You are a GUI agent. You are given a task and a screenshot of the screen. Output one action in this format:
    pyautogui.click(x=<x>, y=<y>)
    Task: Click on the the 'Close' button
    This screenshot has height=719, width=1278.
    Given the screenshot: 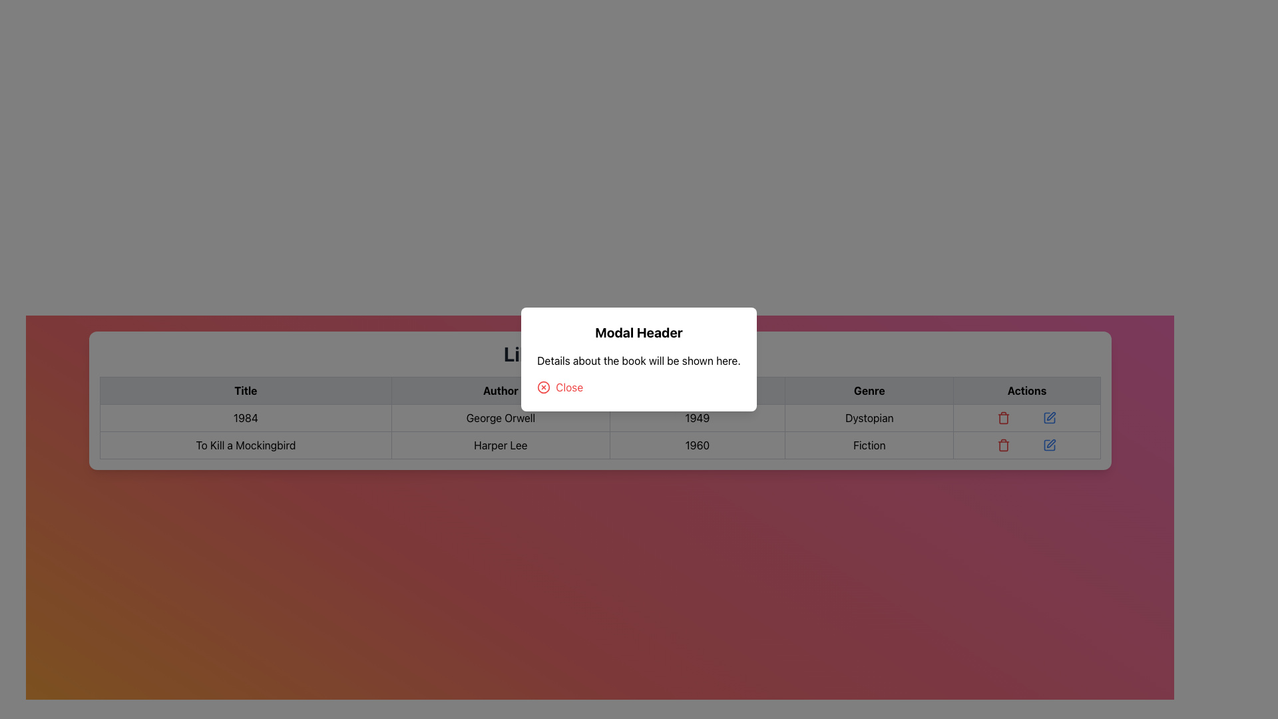 What is the action you would take?
    pyautogui.click(x=560, y=387)
    